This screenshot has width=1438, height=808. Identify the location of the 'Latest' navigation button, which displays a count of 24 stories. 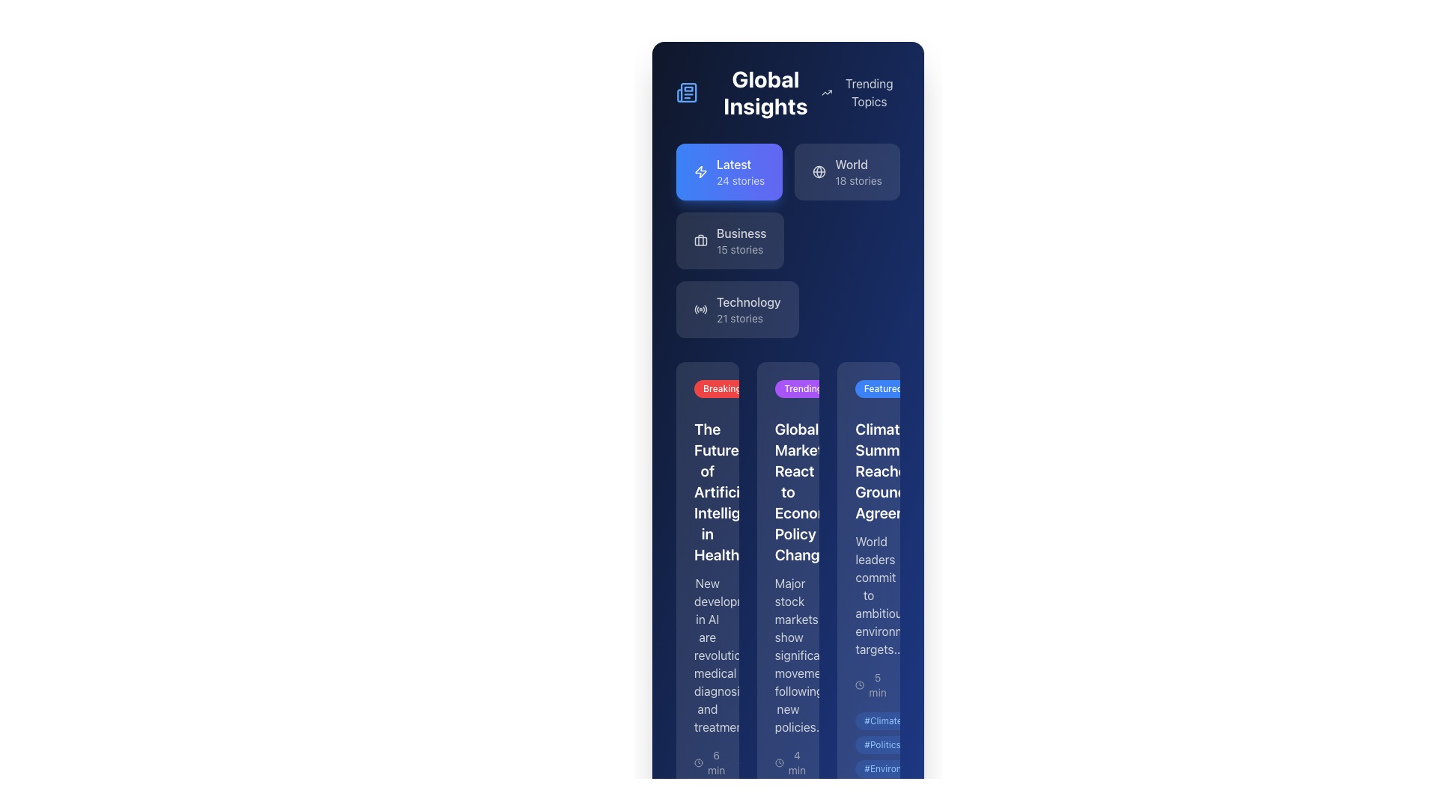
(729, 171).